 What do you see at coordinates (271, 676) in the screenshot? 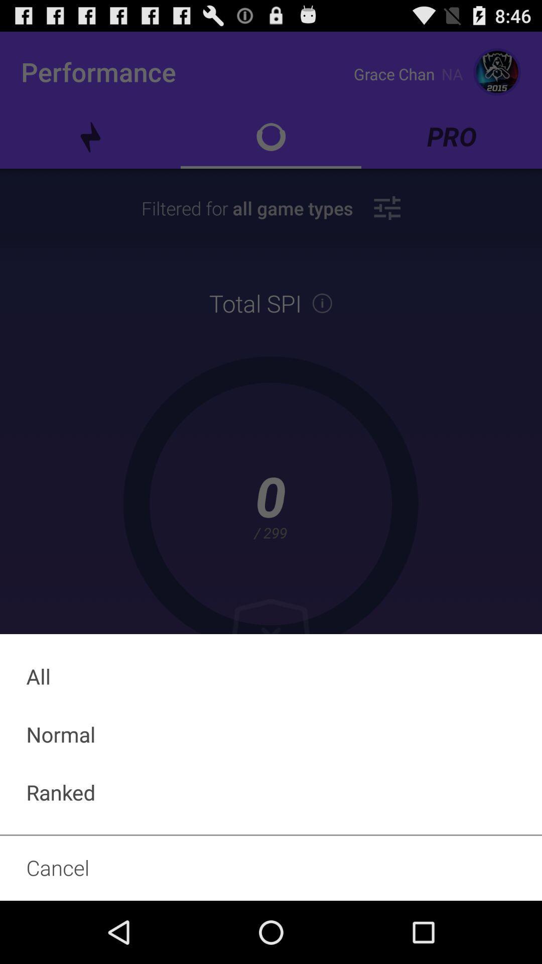
I see `all item` at bounding box center [271, 676].